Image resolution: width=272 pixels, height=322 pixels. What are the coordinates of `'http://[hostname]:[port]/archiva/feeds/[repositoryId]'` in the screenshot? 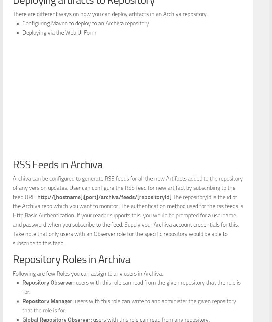 It's located at (104, 286).